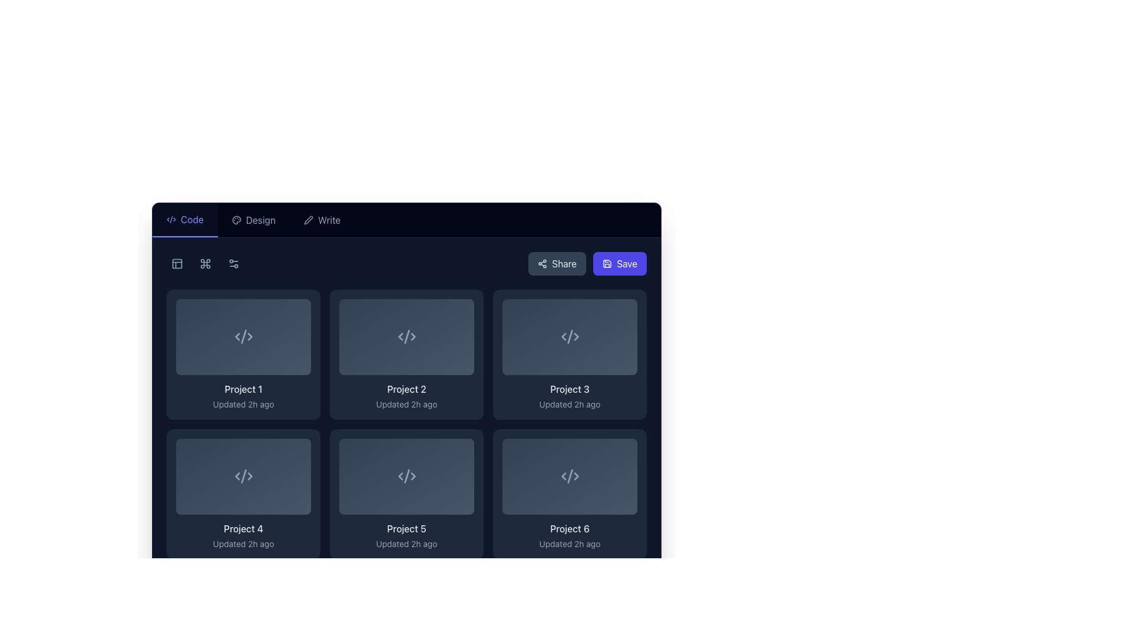 This screenshot has height=636, width=1131. Describe the element at coordinates (243, 403) in the screenshot. I see `the text field that reads 'Updated 2h ago', which is styled with a smaller, light grey font and is located beneath the bold text label 'Project 1' in the first card of the grid layout` at that location.